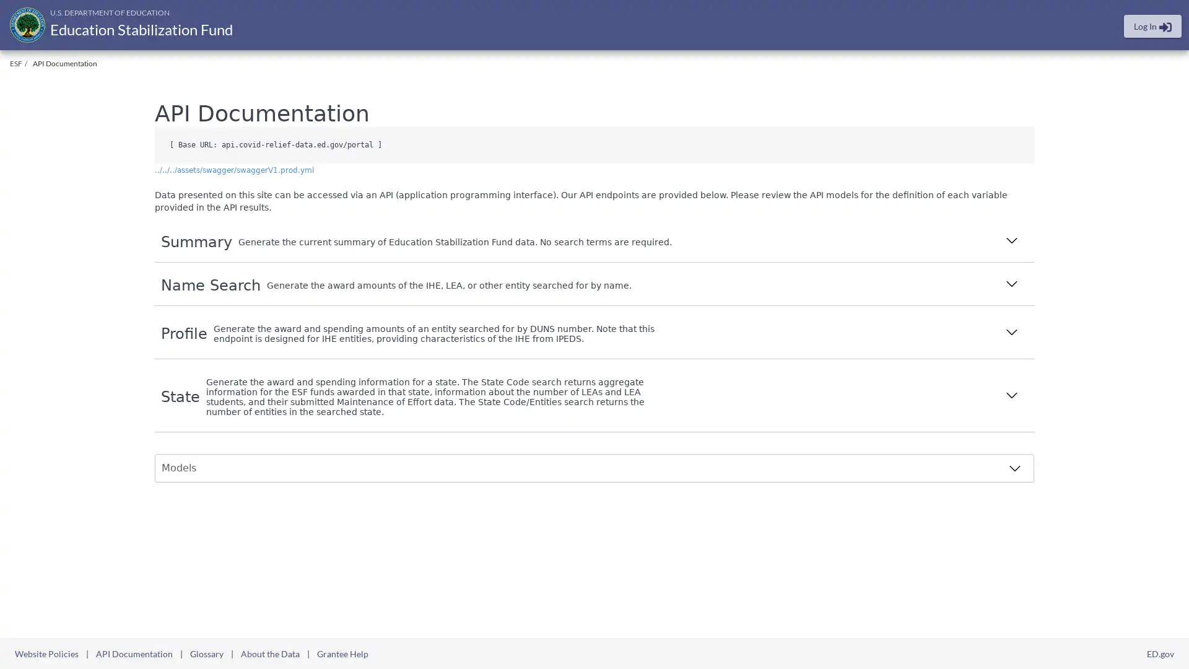 The image size is (1189, 669). I want to click on User Log In, so click(1152, 26).